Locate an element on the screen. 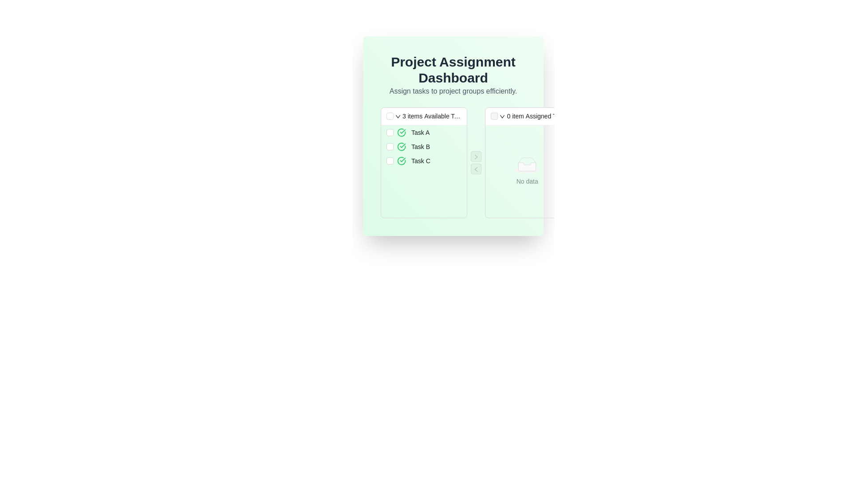 The width and height of the screenshot is (852, 479). the text header labeled 'Project Assignment Dashboard', styled with bold, large font and dark gray color, which is positioned at the top of its section is located at coordinates (453, 70).